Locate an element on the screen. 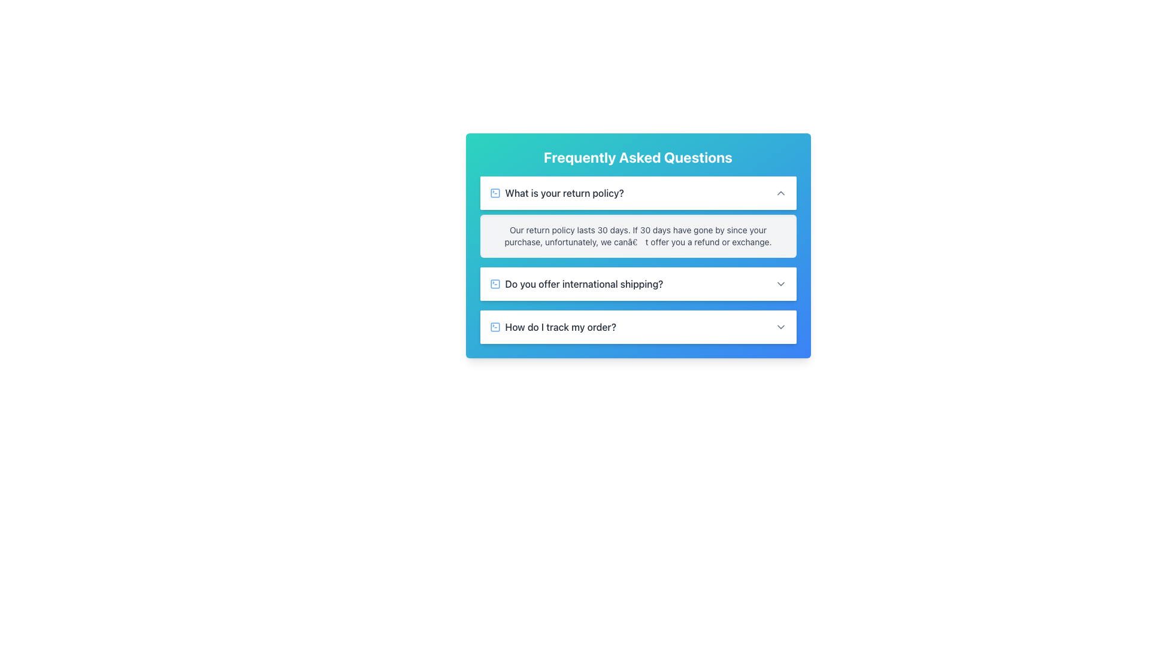 Image resolution: width=1150 pixels, height=646 pixels. the chevron icon at the far-right end of the 'How do I track my order?' FAQ entry to expand or collapse the section is located at coordinates (780, 327).